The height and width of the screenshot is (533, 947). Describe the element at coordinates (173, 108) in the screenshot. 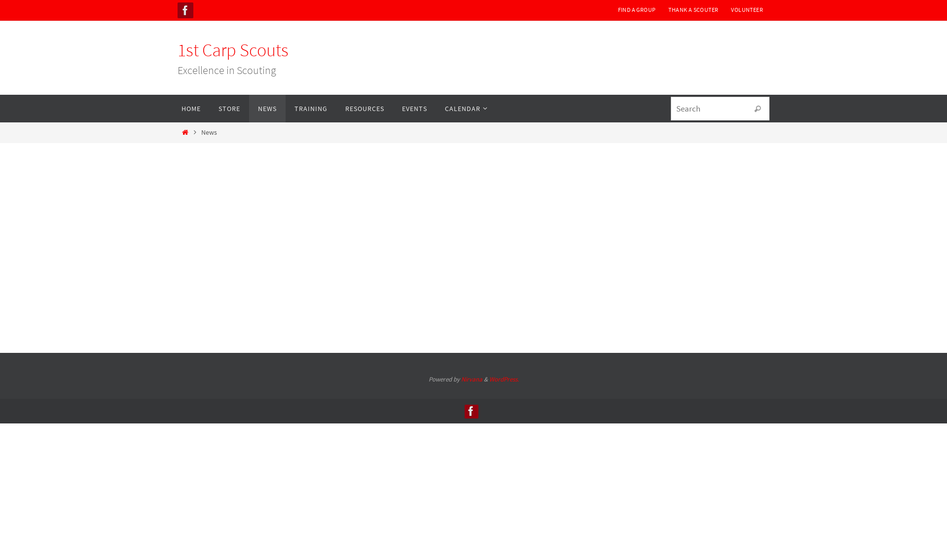

I see `'HOME'` at that location.